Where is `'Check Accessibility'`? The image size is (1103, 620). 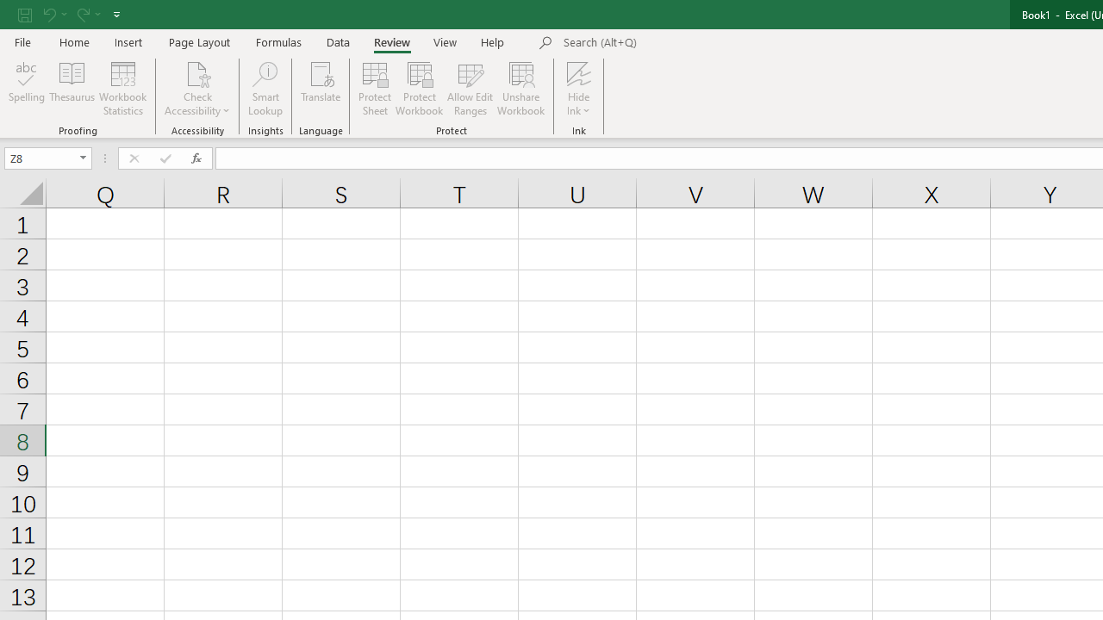 'Check Accessibility' is located at coordinates (197, 72).